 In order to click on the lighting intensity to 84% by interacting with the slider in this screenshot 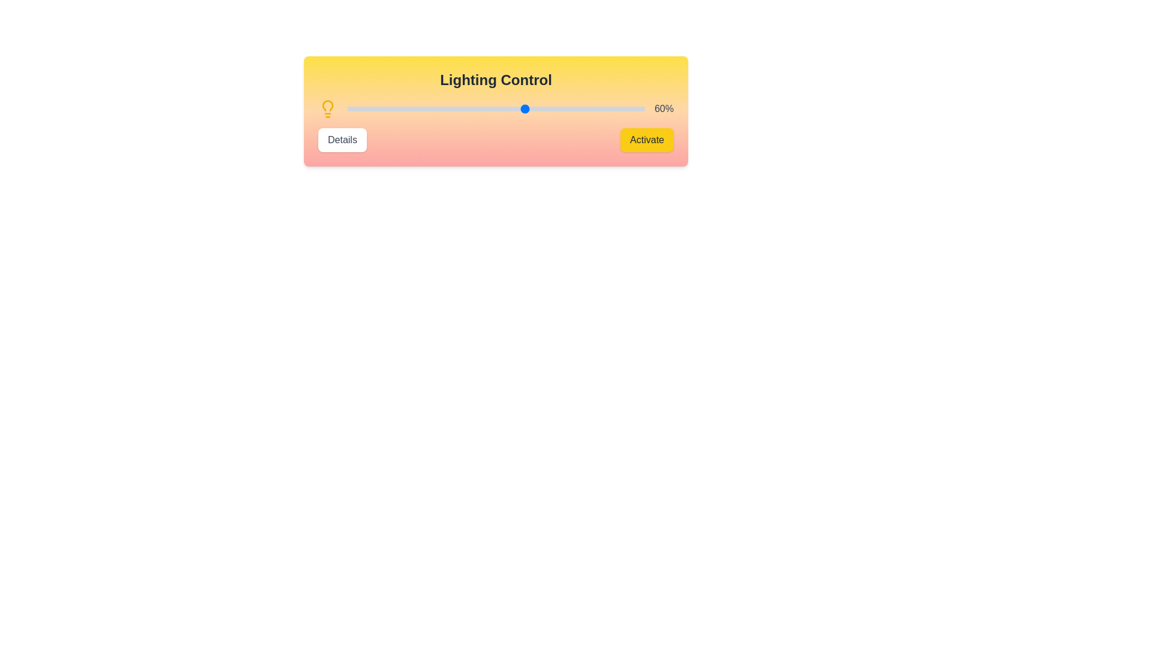, I will do `click(596, 108)`.